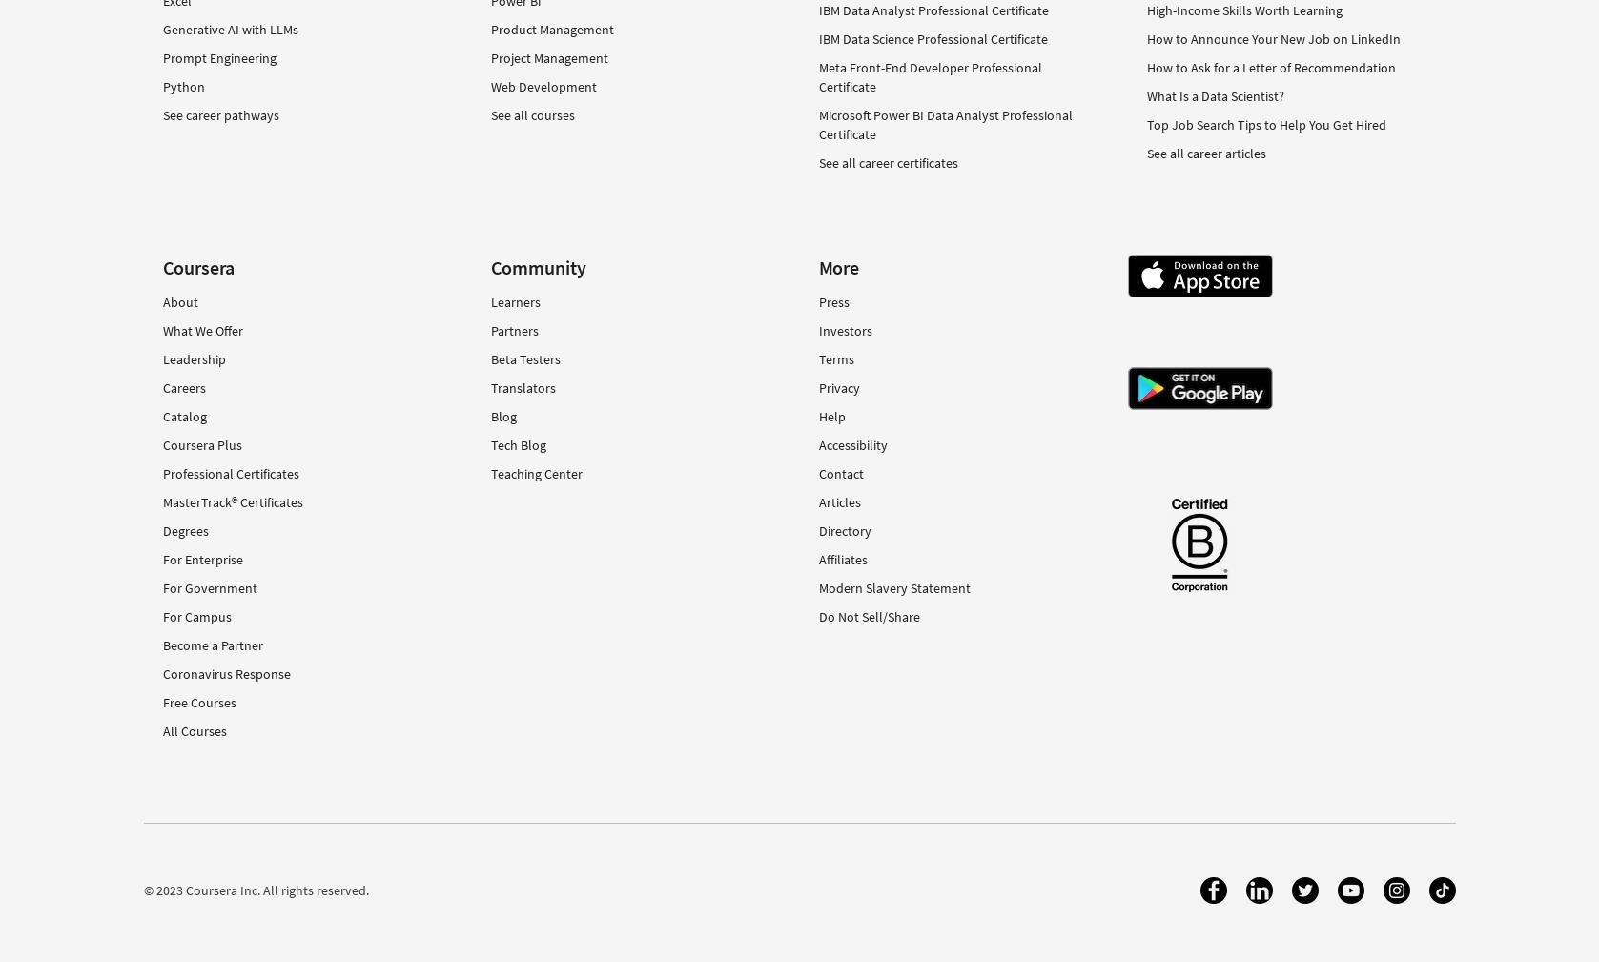 The image size is (1599, 962). What do you see at coordinates (851, 442) in the screenshot?
I see `'Accessibility'` at bounding box center [851, 442].